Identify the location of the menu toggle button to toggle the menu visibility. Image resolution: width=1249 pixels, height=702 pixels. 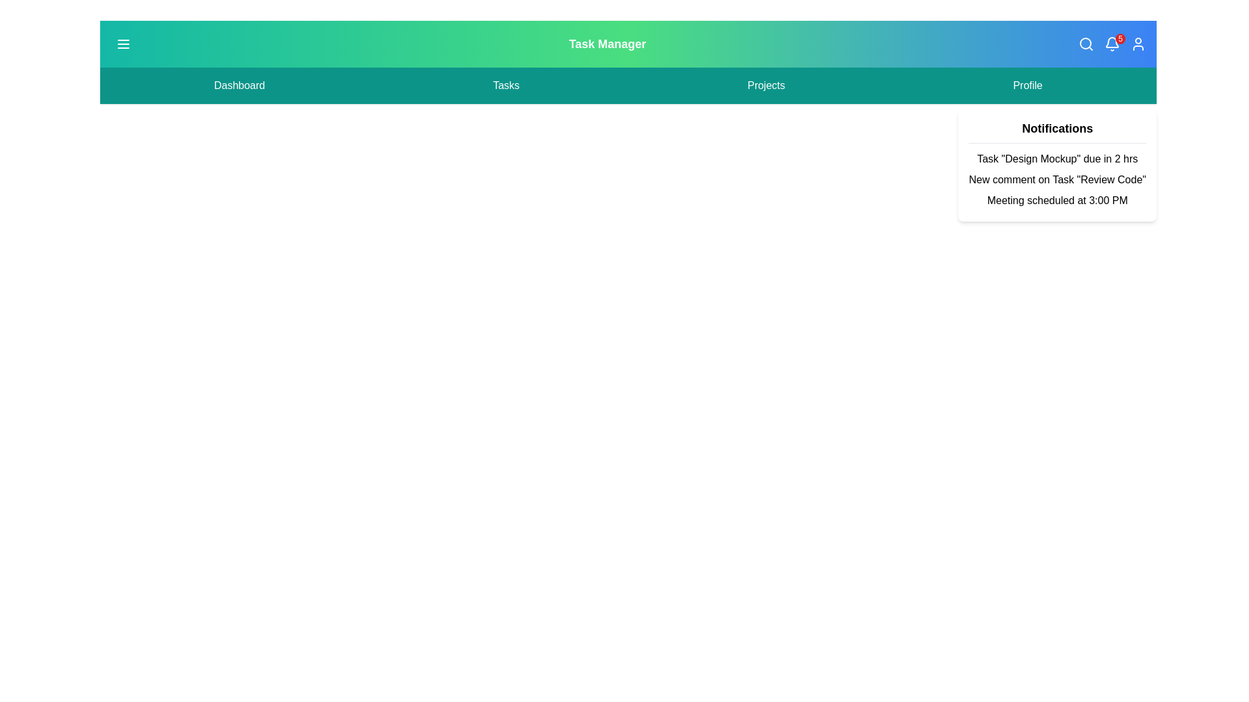
(124, 44).